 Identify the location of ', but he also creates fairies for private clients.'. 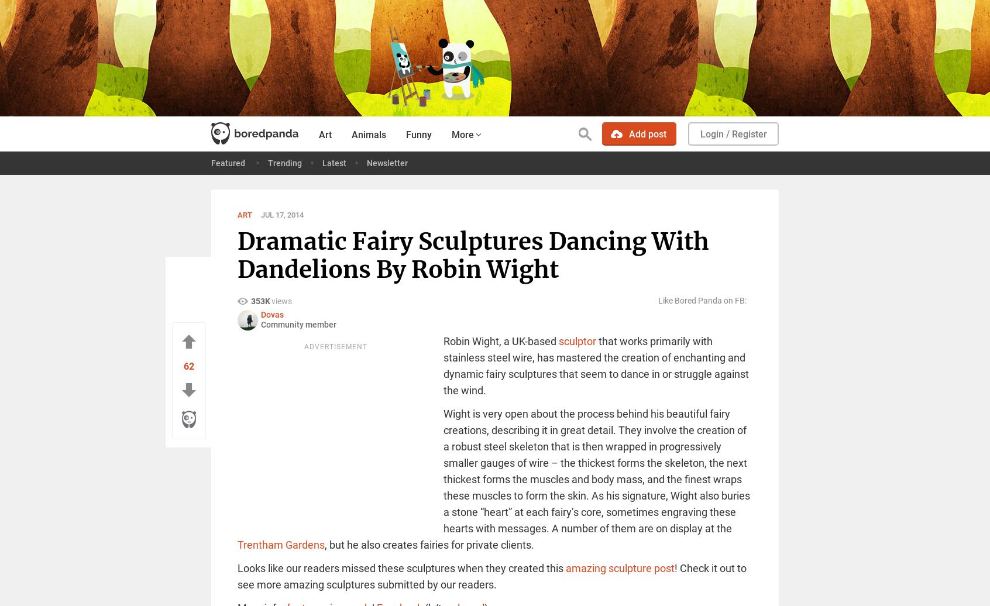
(428, 544).